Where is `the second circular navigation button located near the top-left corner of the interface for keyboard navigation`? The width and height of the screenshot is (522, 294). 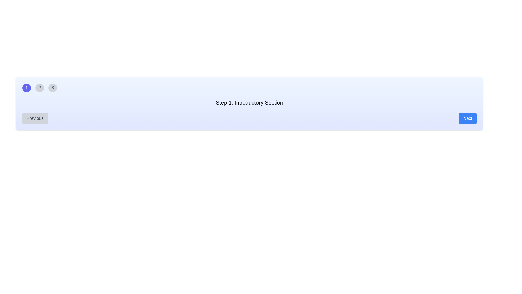
the second circular navigation button located near the top-left corner of the interface for keyboard navigation is located at coordinates (39, 88).